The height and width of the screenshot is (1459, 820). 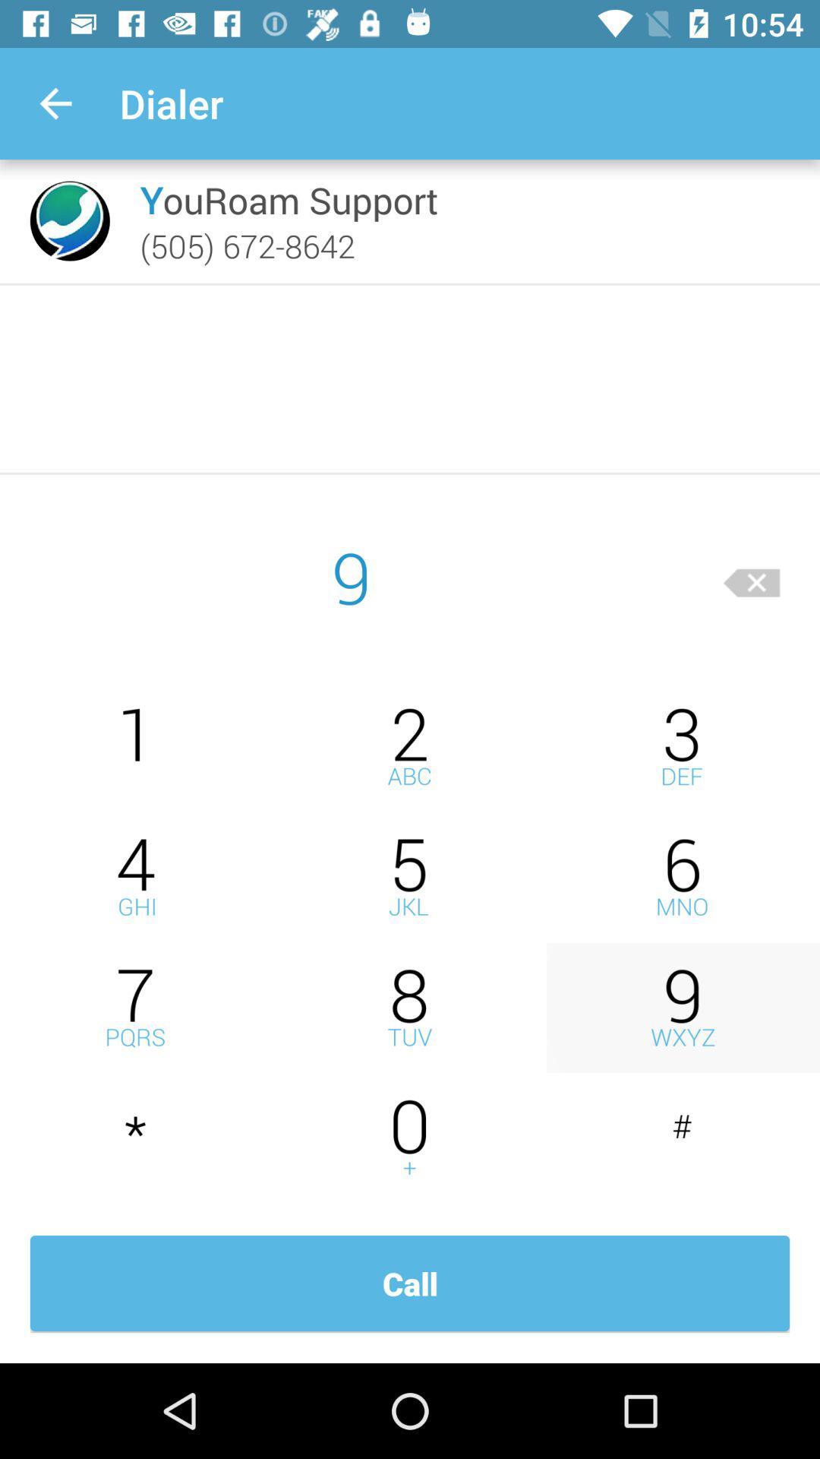 I want to click on click number 7, so click(x=137, y=1008).